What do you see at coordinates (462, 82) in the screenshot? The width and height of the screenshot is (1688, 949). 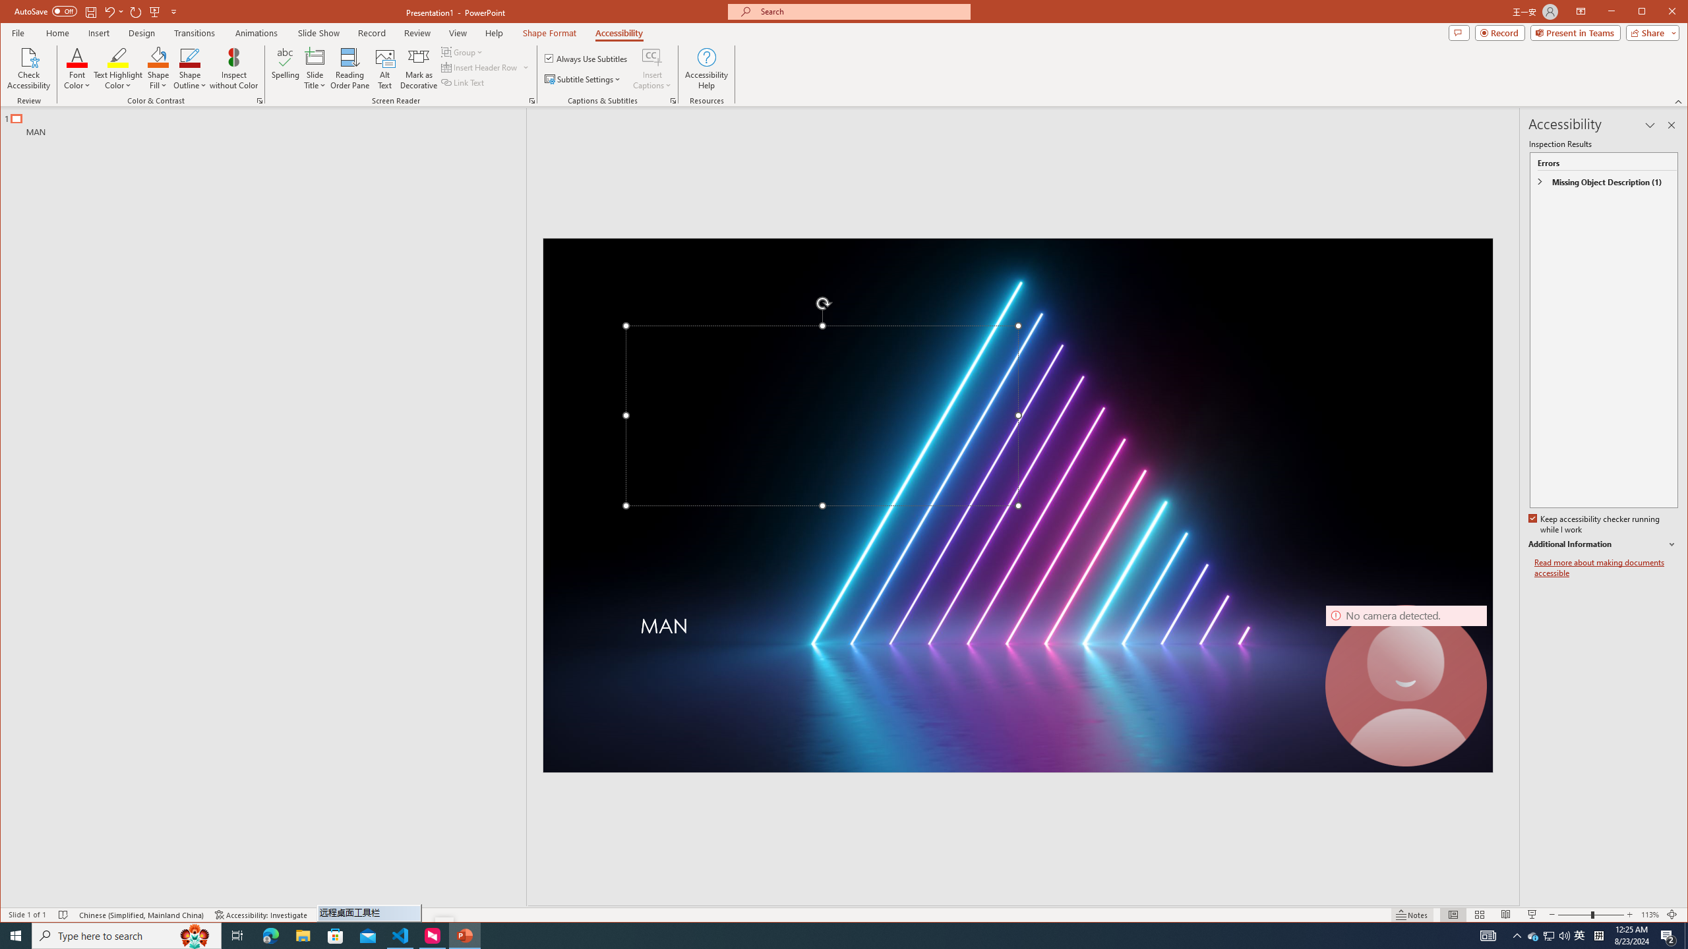 I see `'Link Text'` at bounding box center [462, 82].